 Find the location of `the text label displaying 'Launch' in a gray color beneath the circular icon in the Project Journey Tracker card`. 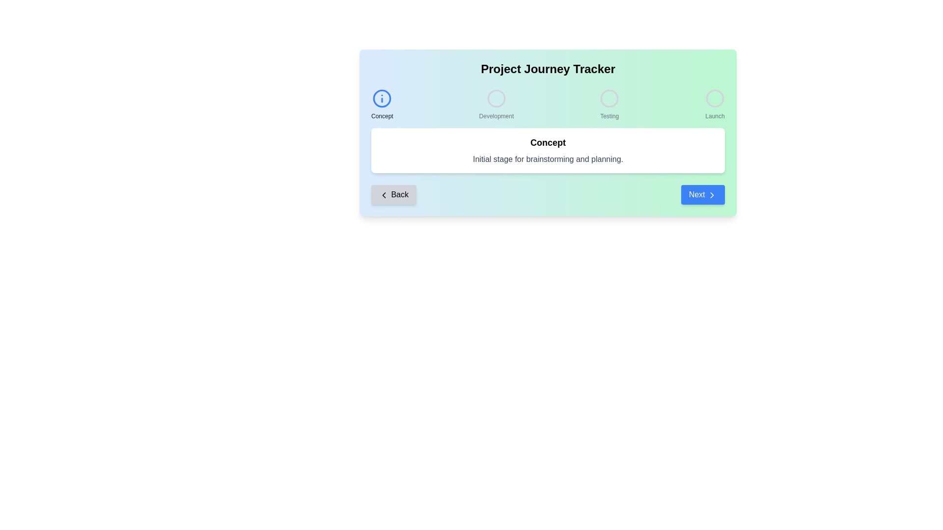

the text label displaying 'Launch' in a gray color beneath the circular icon in the Project Journey Tracker card is located at coordinates (715, 115).